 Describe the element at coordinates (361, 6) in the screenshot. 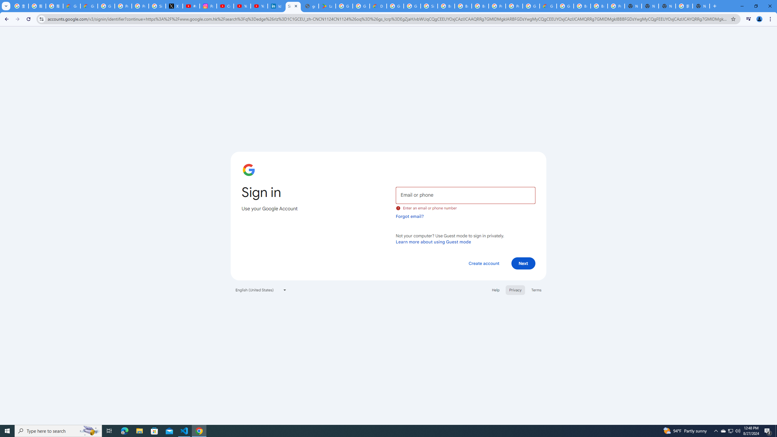

I see `'Google Workspace - Specific Terms'` at that location.